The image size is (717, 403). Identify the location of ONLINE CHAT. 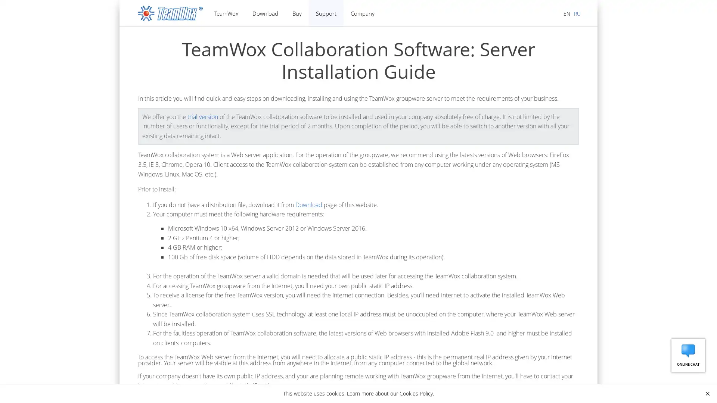
(688, 355).